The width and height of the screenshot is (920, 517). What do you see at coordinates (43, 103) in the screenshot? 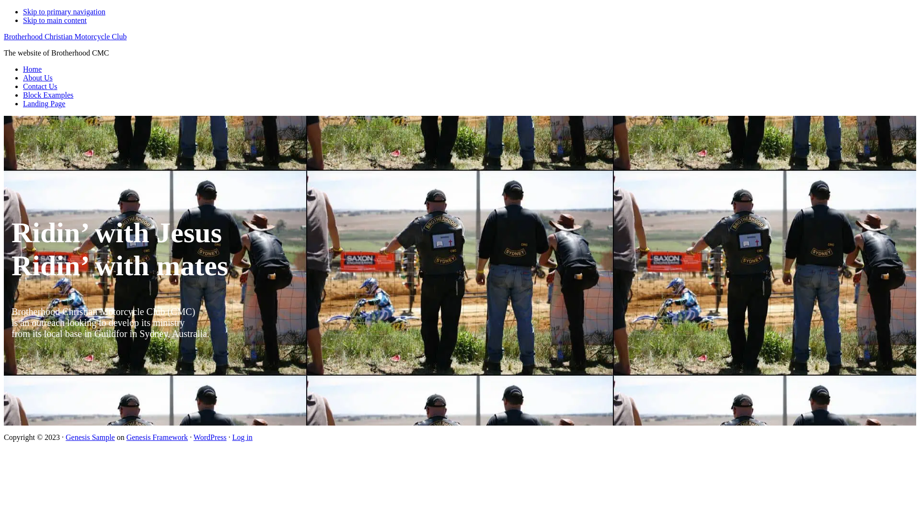
I see `'Landing Page'` at bounding box center [43, 103].